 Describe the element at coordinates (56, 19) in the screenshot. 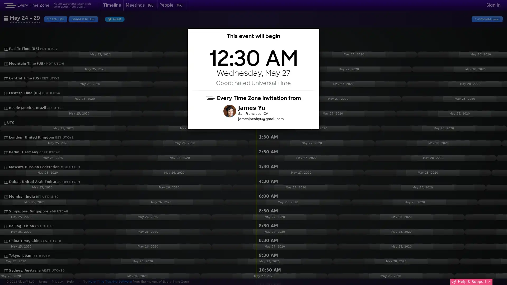

I see `Share Link` at that location.